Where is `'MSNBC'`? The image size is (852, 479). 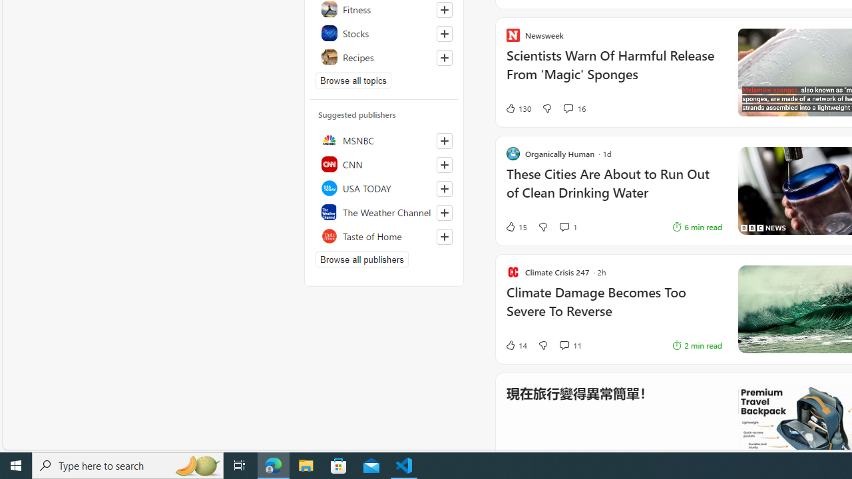
'MSNBC' is located at coordinates (383, 140).